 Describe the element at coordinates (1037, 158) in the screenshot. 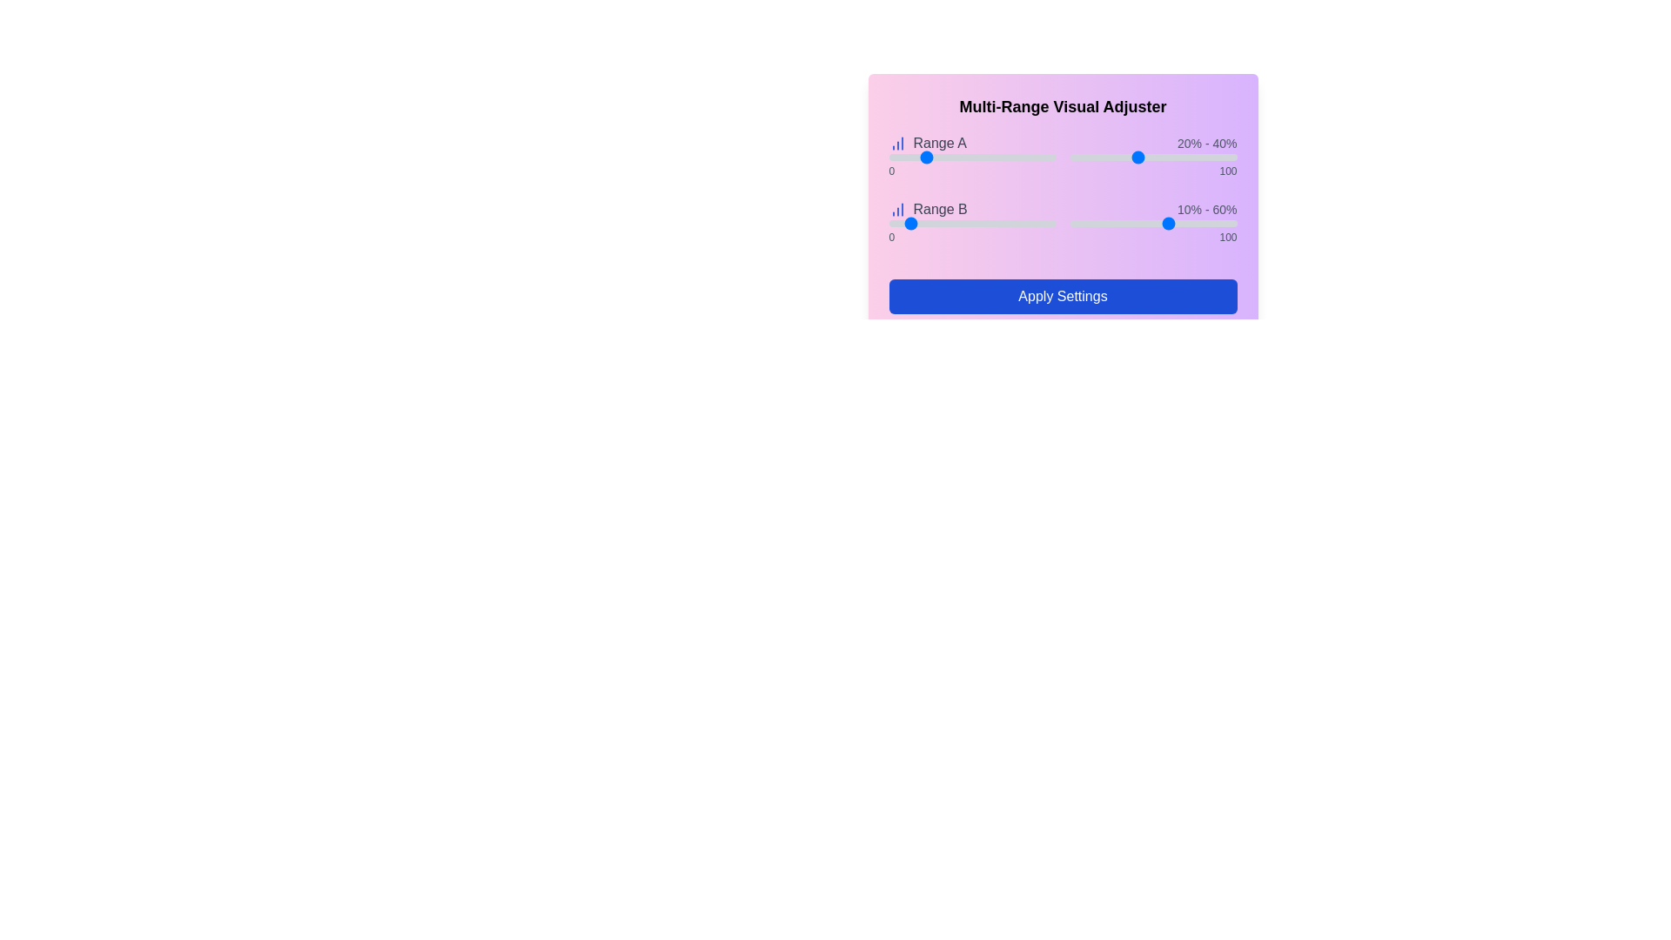

I see `the slider` at that location.